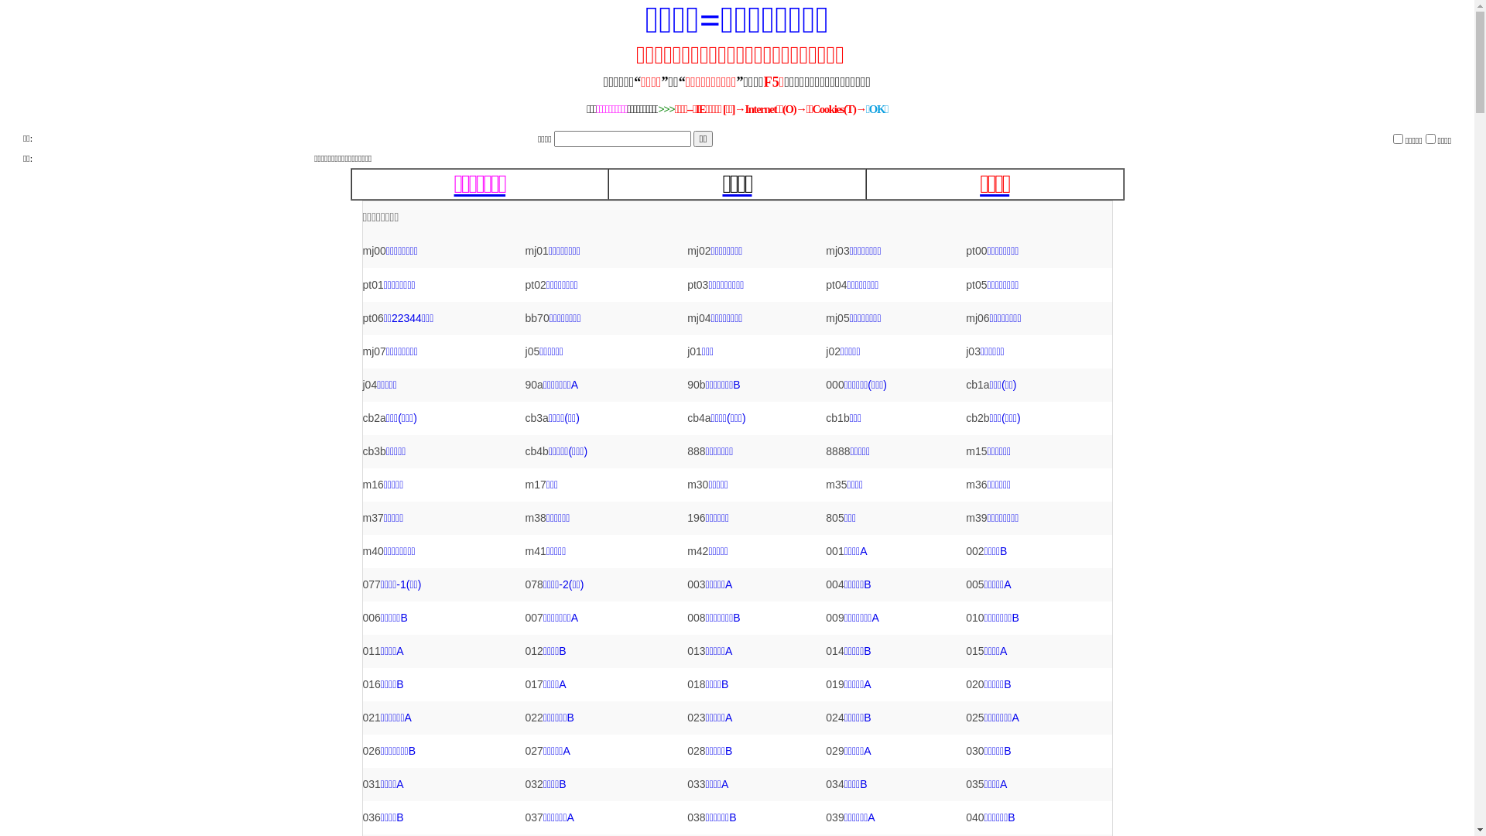 The height and width of the screenshot is (836, 1486). What do you see at coordinates (695, 650) in the screenshot?
I see `'013'` at bounding box center [695, 650].